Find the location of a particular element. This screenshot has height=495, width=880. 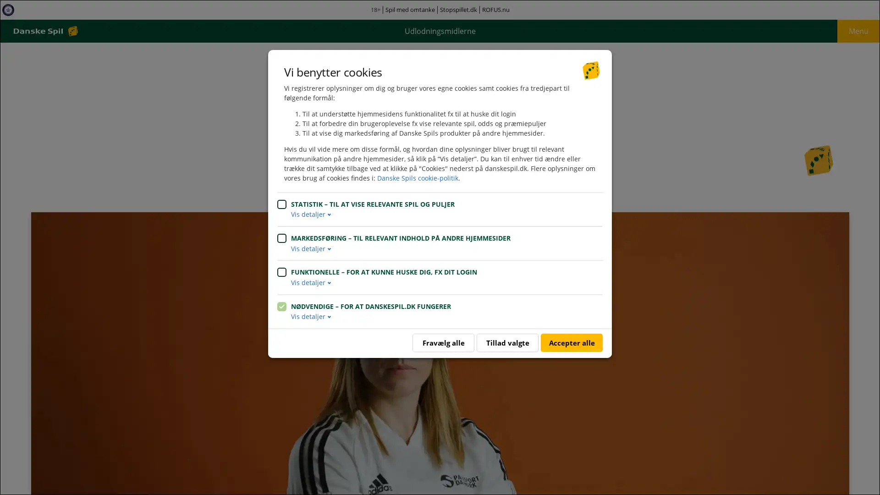

Accepter alle is located at coordinates (571, 343).